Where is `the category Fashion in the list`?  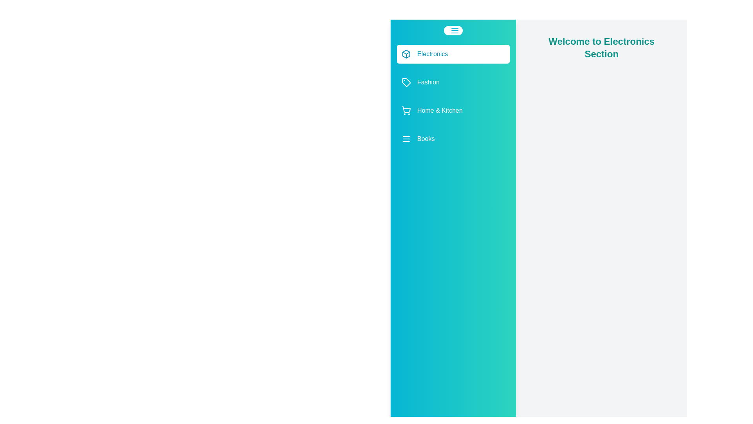
the category Fashion in the list is located at coordinates (453, 82).